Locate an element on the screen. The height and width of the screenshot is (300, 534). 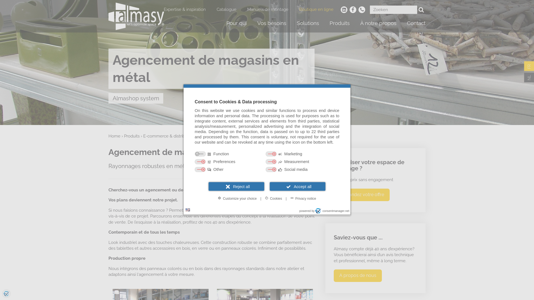
'Solutions' is located at coordinates (308, 23).